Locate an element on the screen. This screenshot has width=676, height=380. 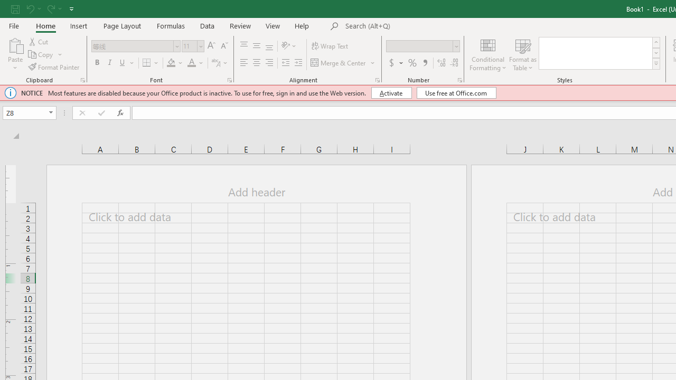
'Center' is located at coordinates (256, 63).